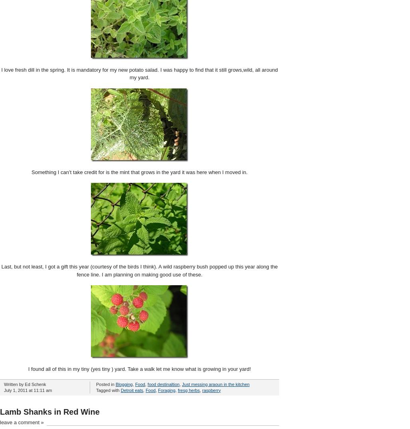 The image size is (410, 429). Describe the element at coordinates (163, 384) in the screenshot. I see `'food destinaltion'` at that location.